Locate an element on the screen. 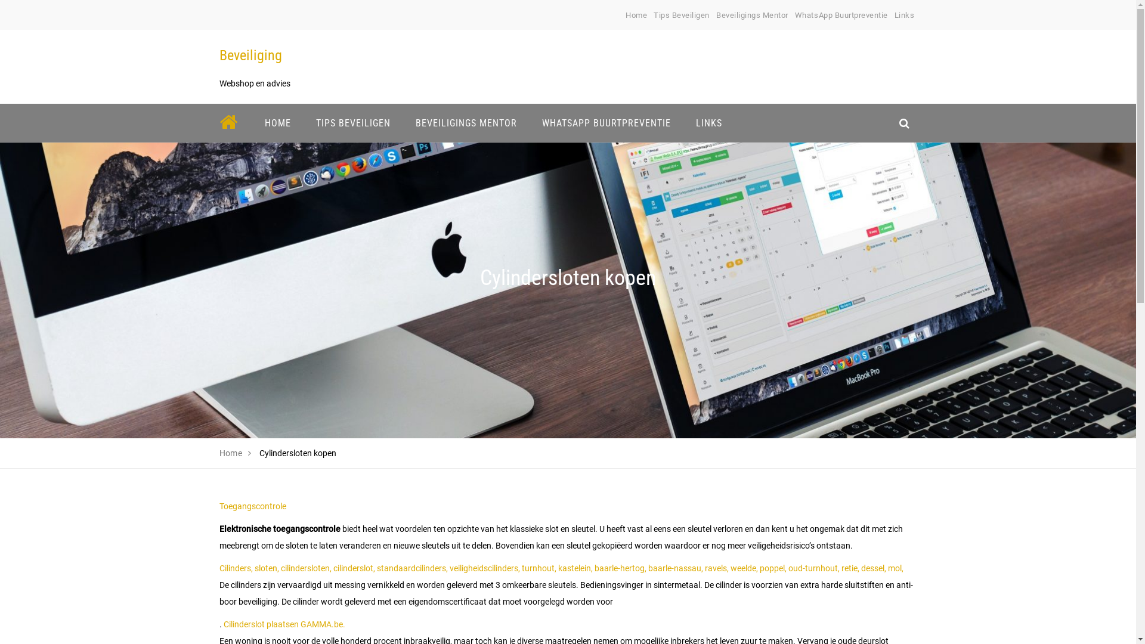 Image resolution: width=1145 pixels, height=644 pixels. 'TIPS BEVEILIGEN' is located at coordinates (307, 123).